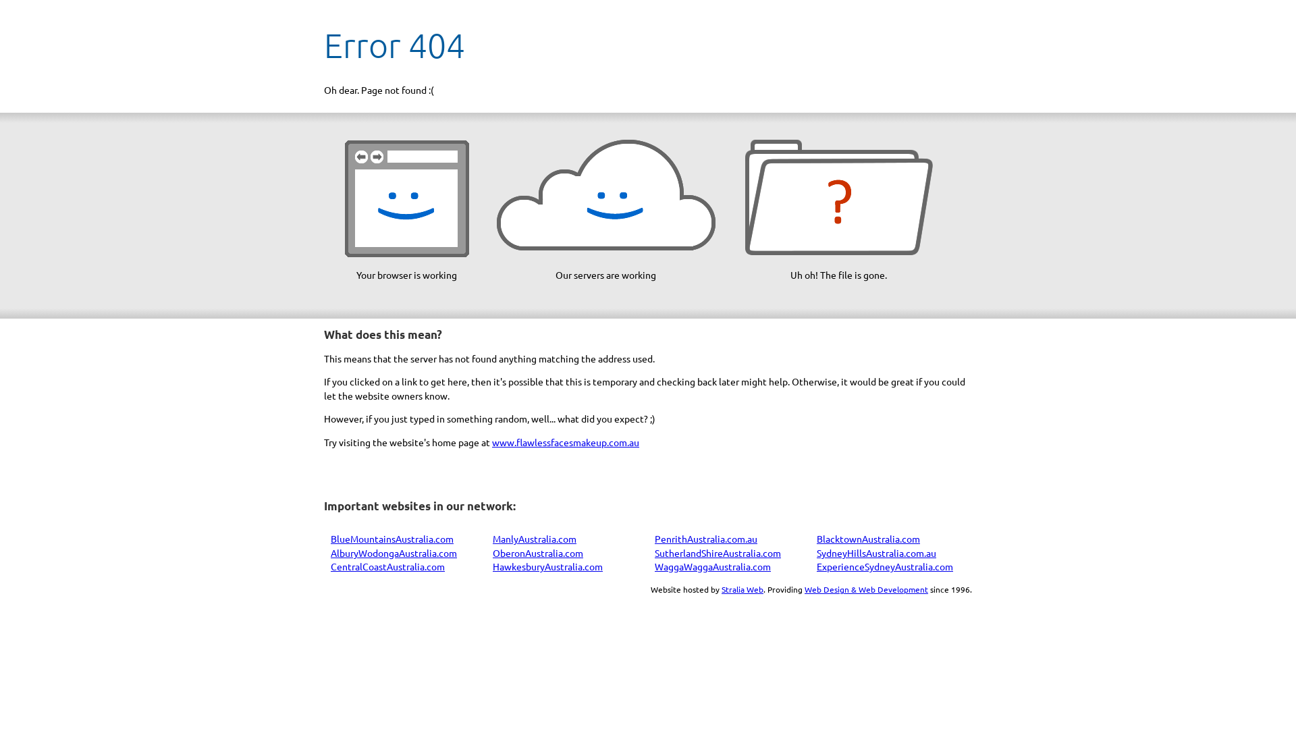 The image size is (1296, 729). Describe the element at coordinates (566, 442) in the screenshot. I see `'www.flawlessfacesmakeup.com.au'` at that location.